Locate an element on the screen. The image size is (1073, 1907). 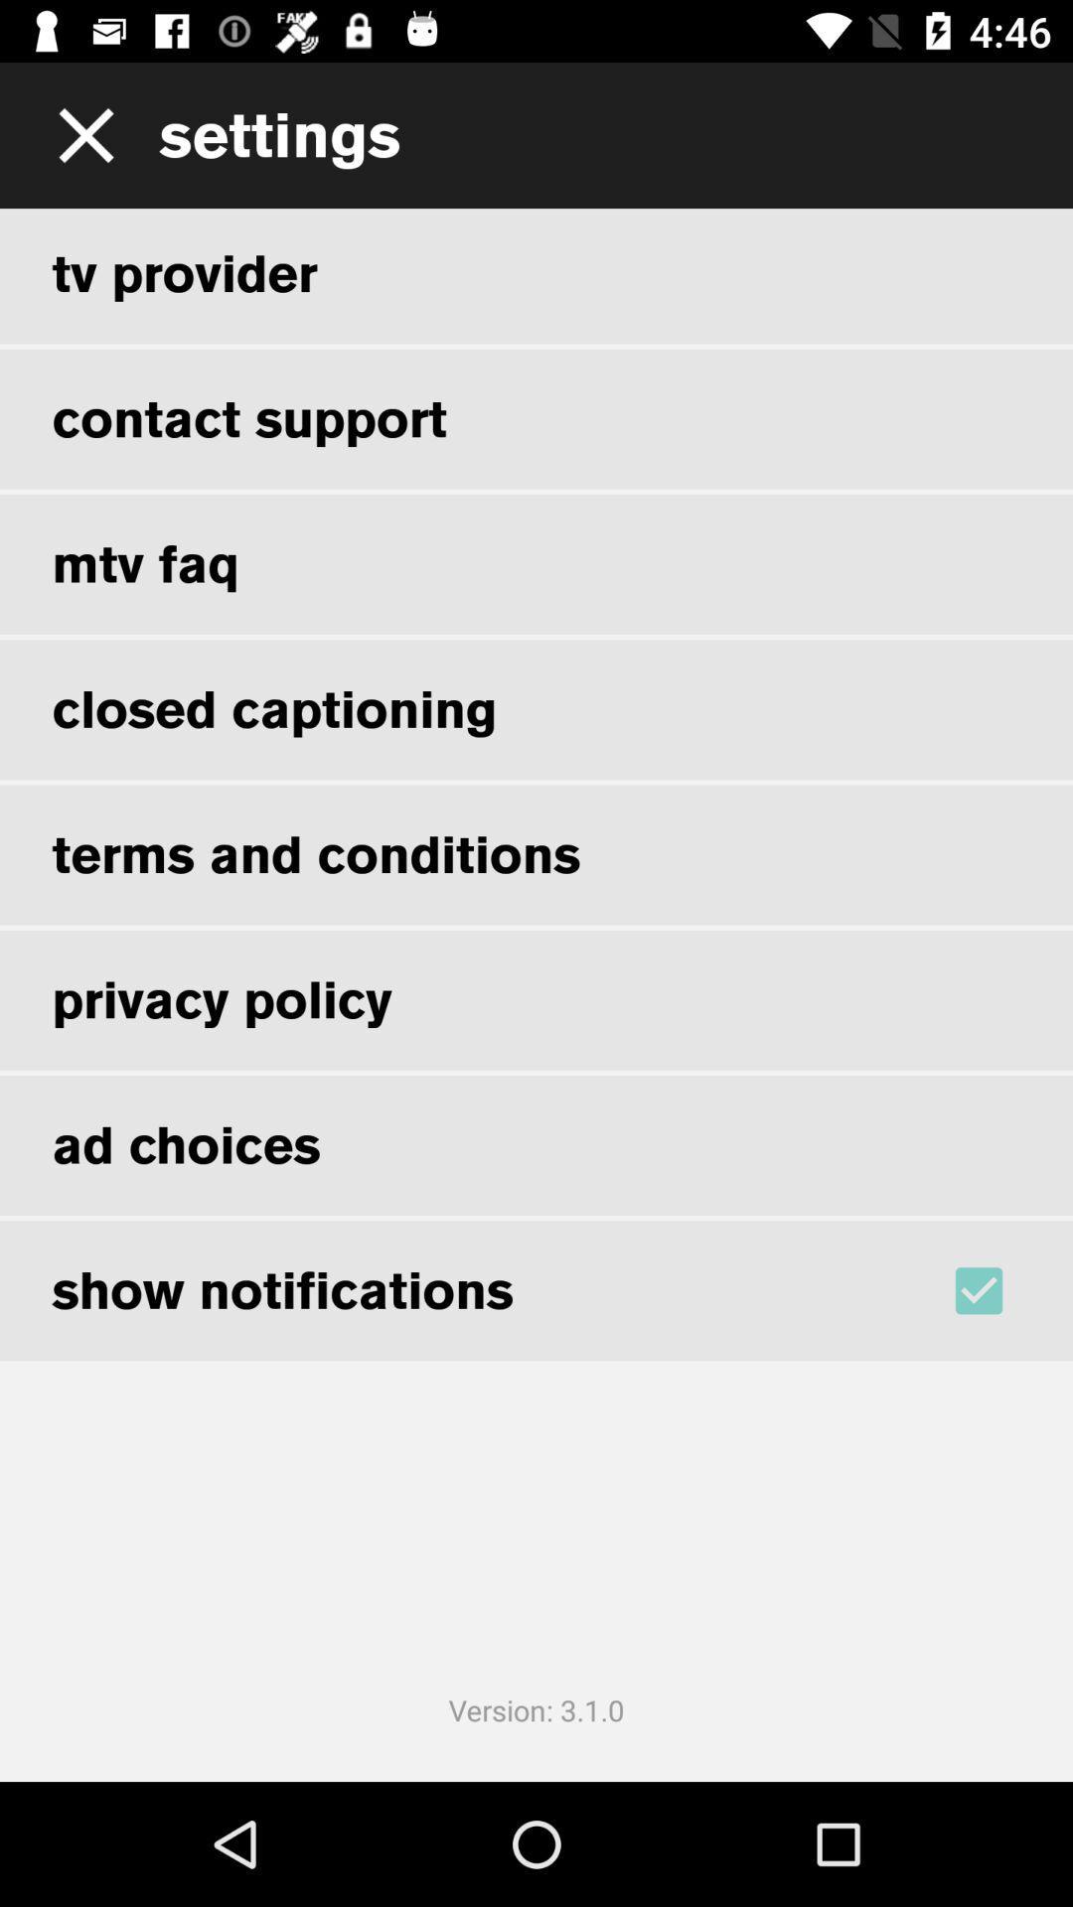
closes out of settings is located at coordinates (78, 134).